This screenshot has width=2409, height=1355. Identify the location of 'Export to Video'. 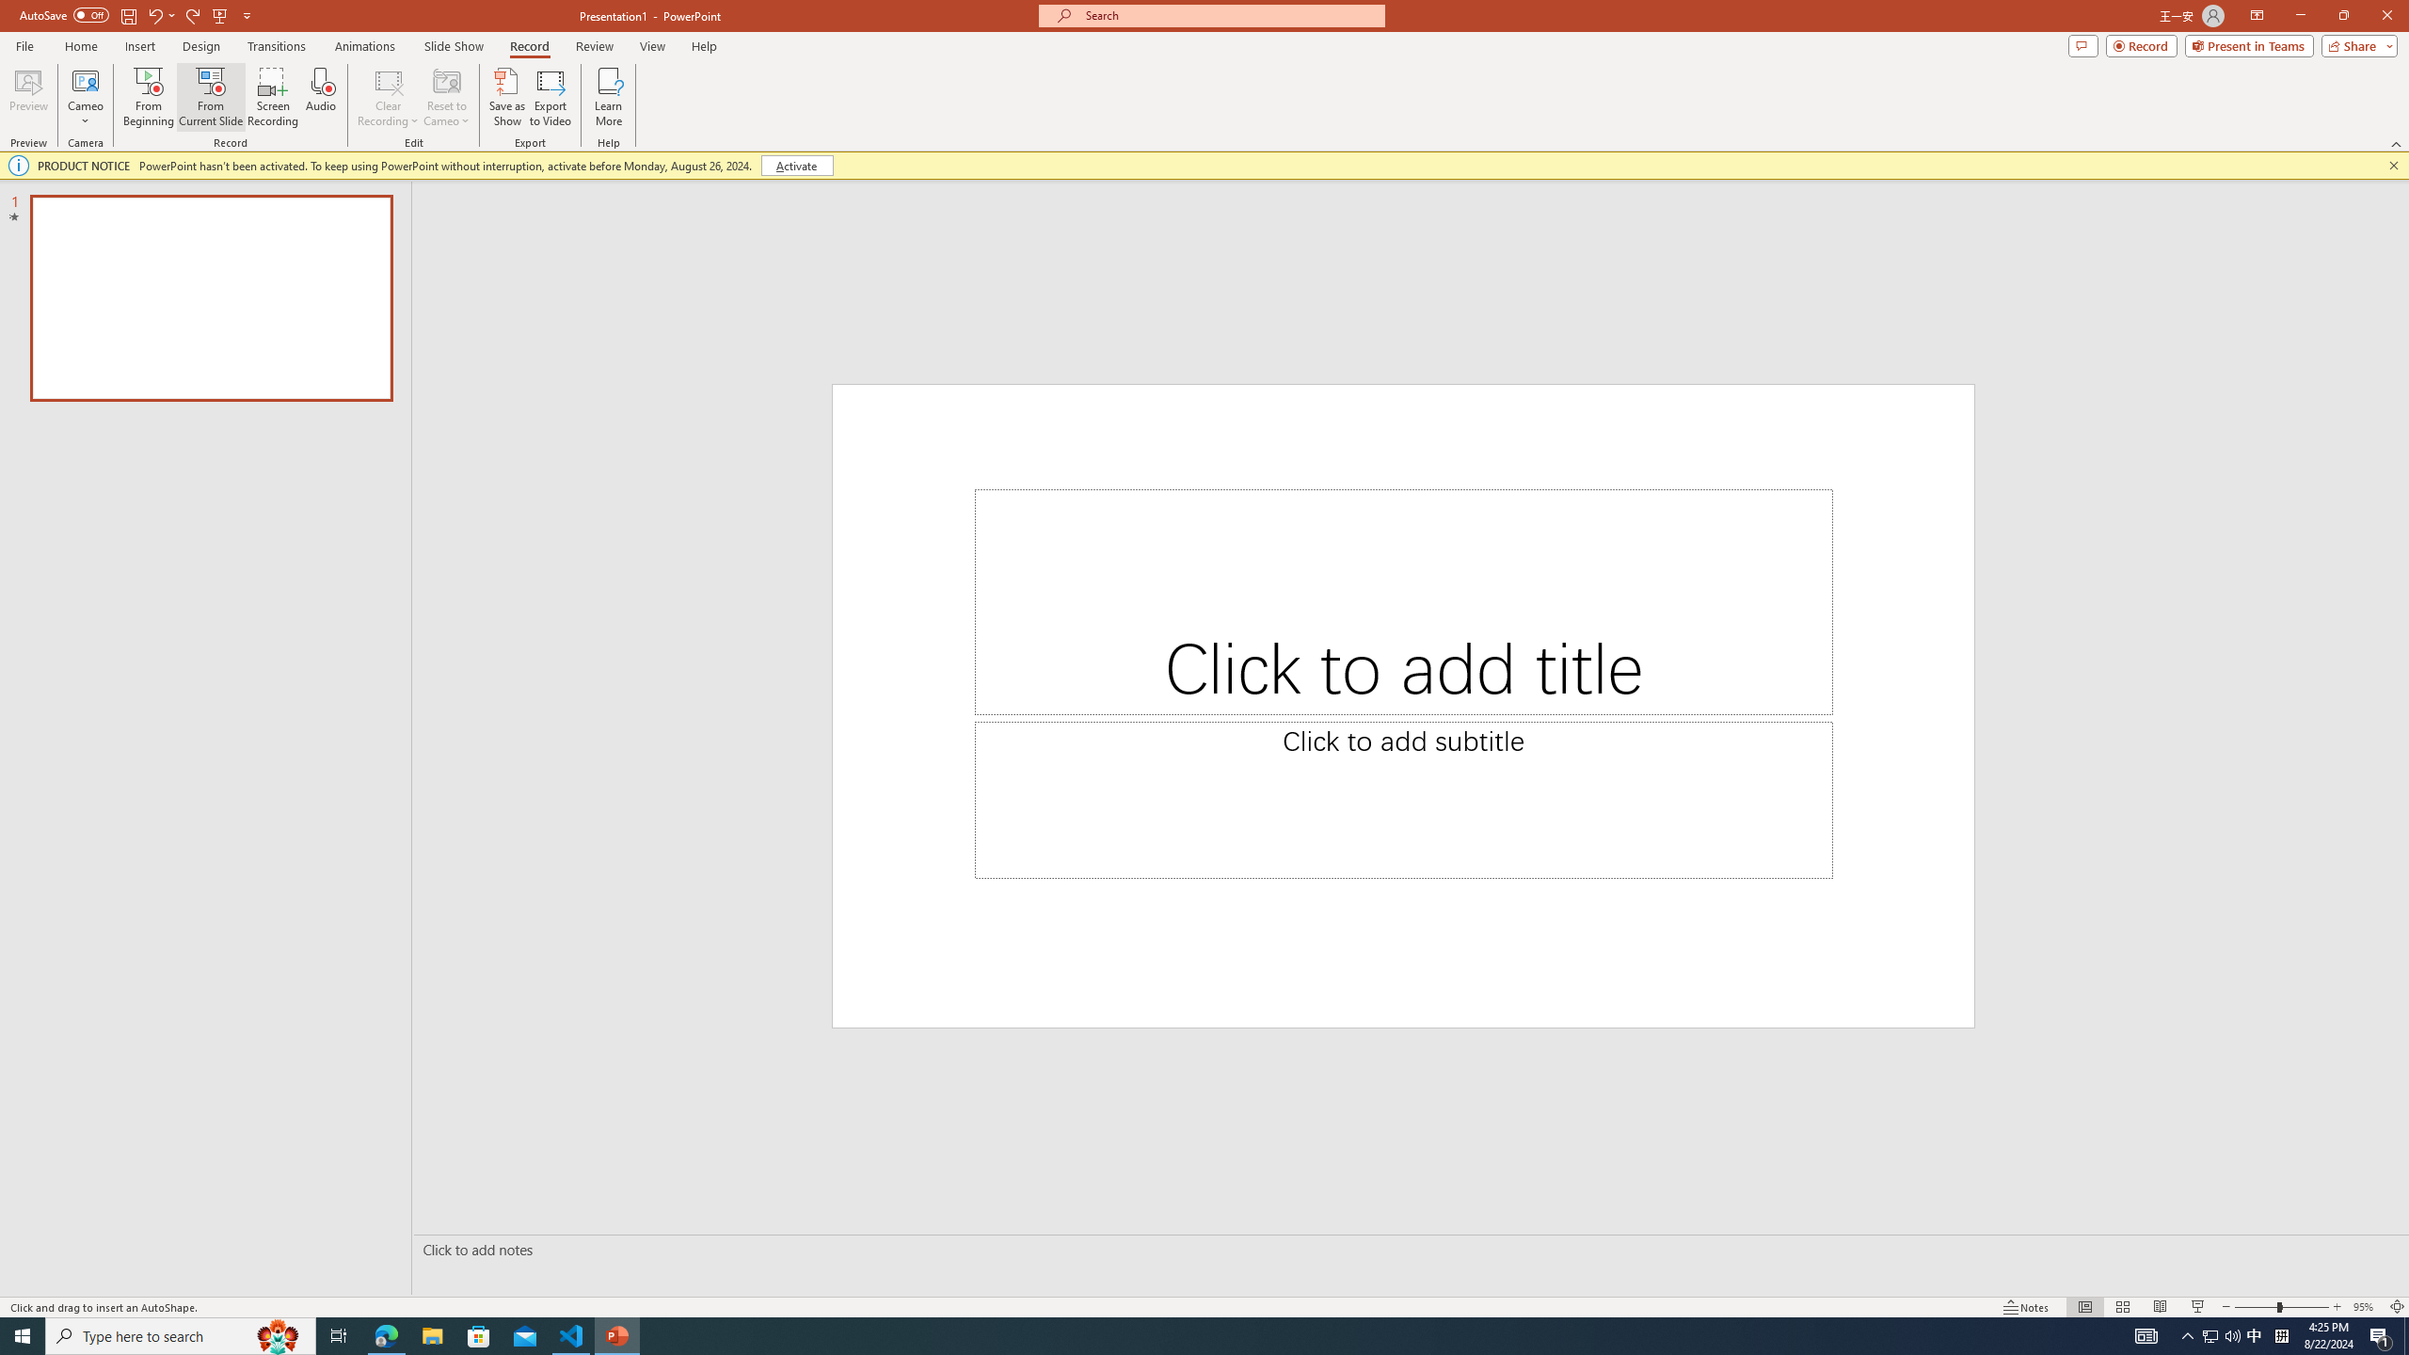
(549, 97).